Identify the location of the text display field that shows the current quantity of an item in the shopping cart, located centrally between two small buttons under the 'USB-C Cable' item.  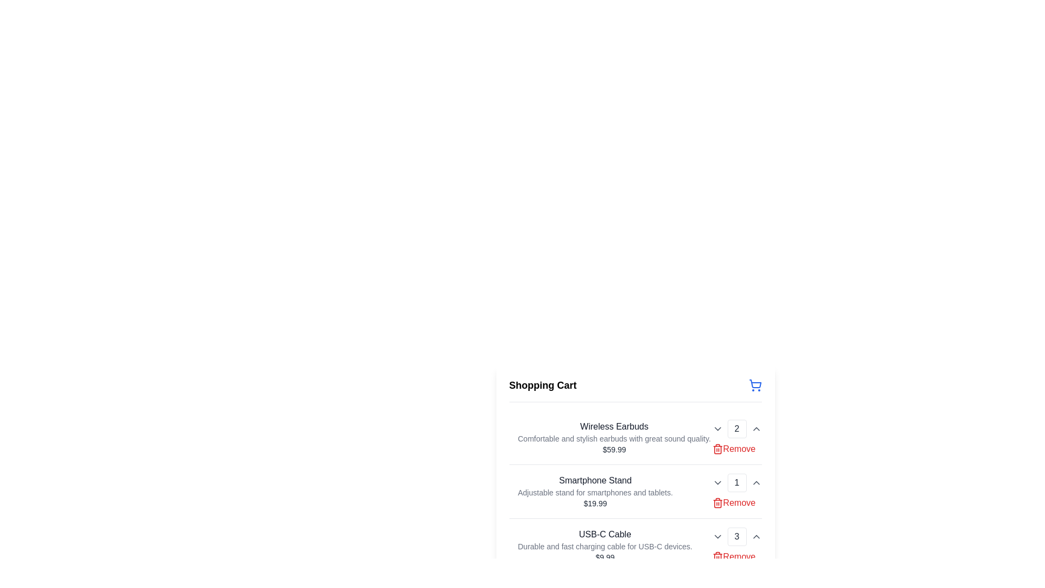
(736, 536).